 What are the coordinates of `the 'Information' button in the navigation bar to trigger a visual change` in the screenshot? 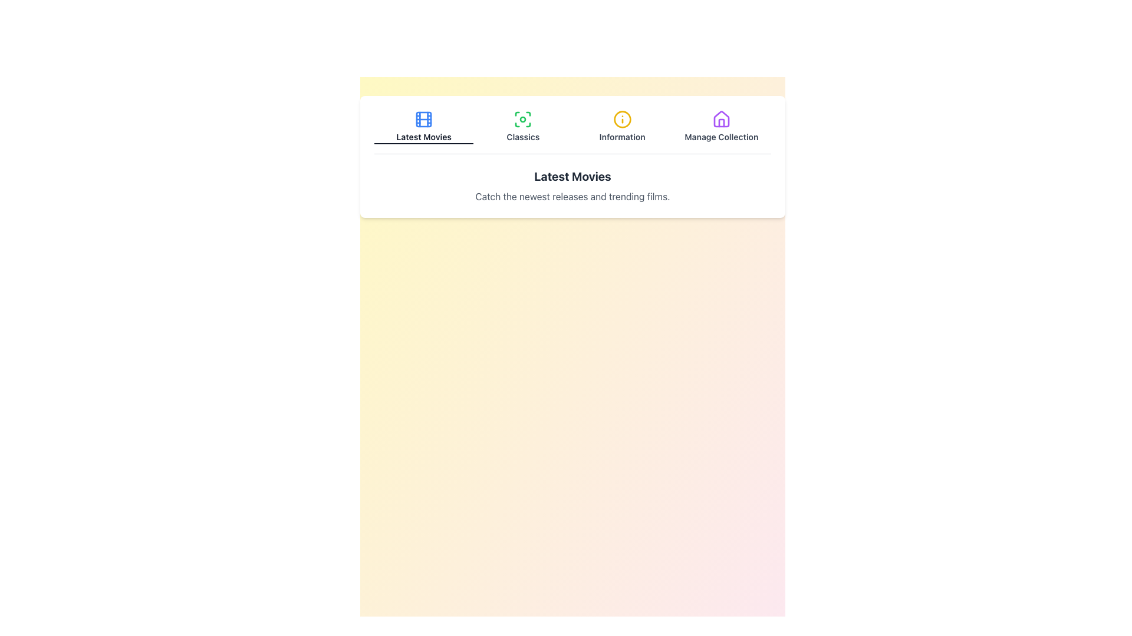 It's located at (621, 127).